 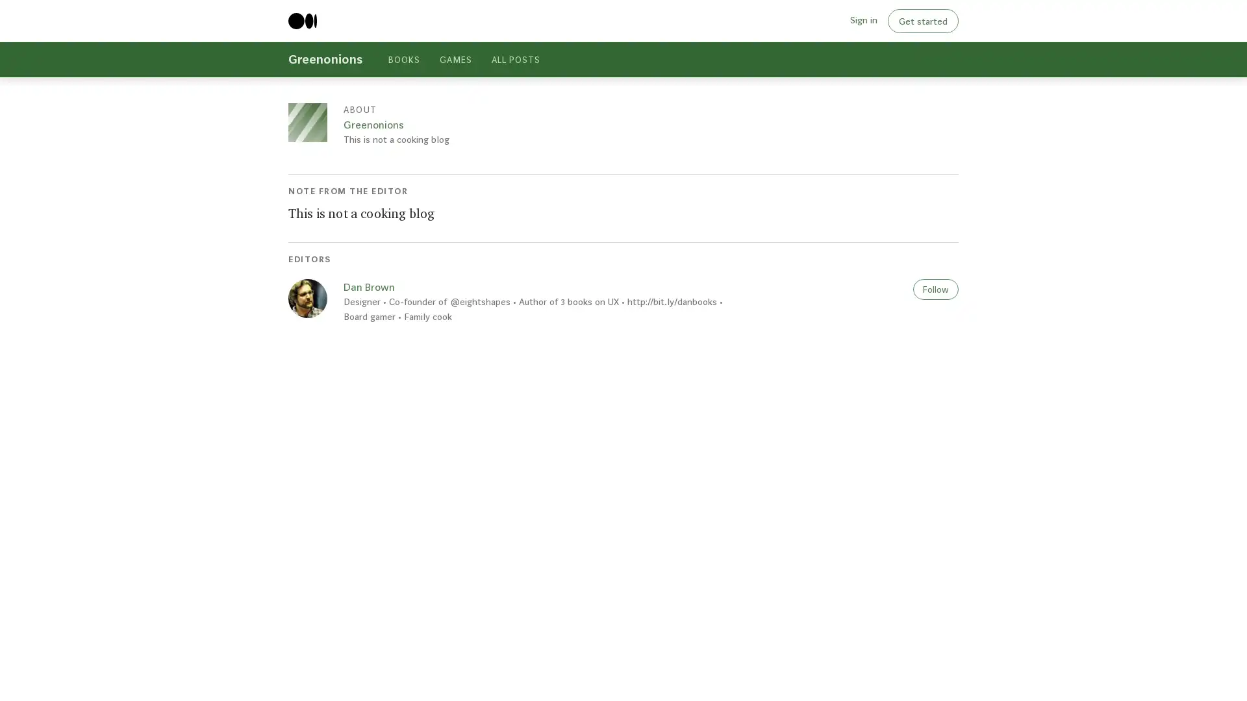 I want to click on Follow to get new stories and recommendations from this author, so click(x=935, y=288).